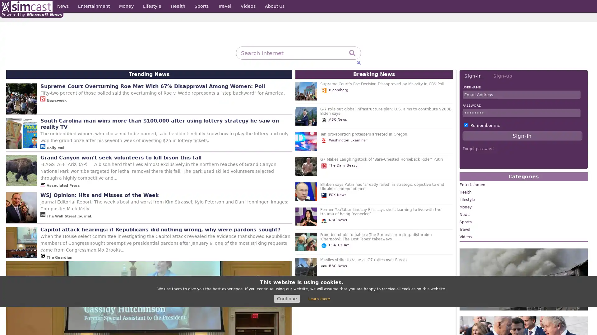 The height and width of the screenshot is (335, 597). Describe the element at coordinates (522, 136) in the screenshot. I see `Sign-in` at that location.